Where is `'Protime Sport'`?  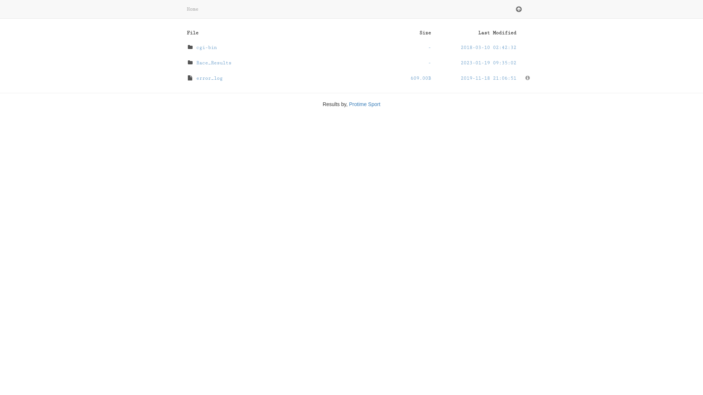
'Protime Sport' is located at coordinates (365, 104).